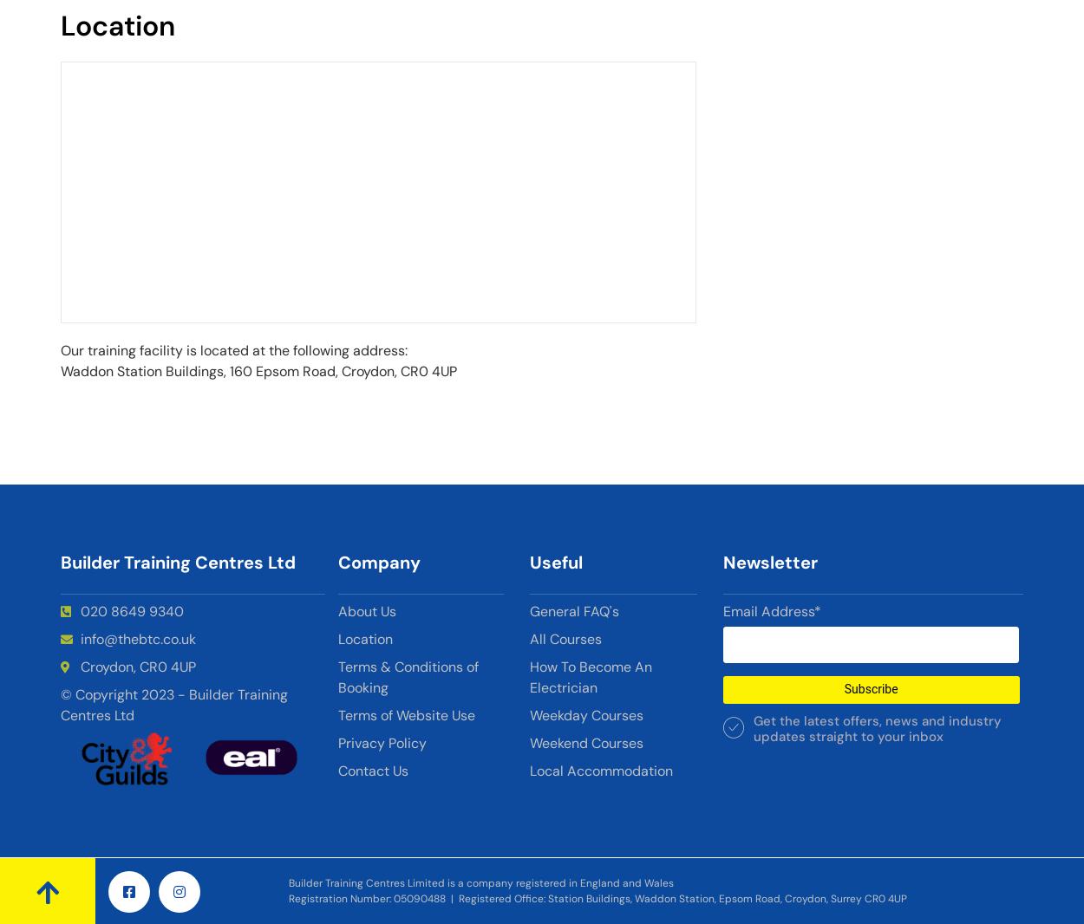 Image resolution: width=1084 pixels, height=924 pixels. What do you see at coordinates (771, 610) in the screenshot?
I see `'Email Address*'` at bounding box center [771, 610].